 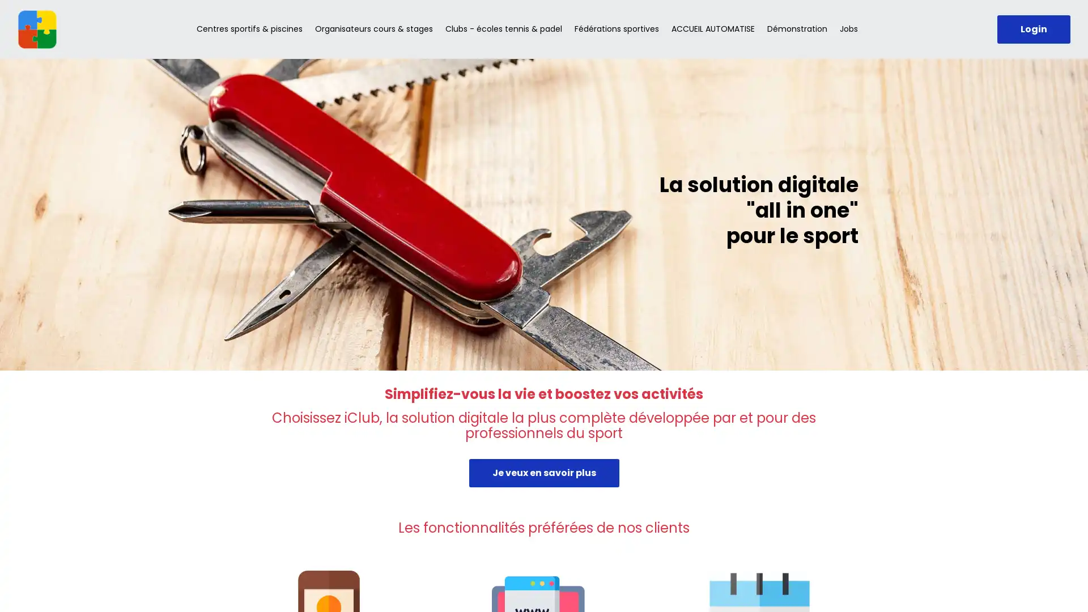 What do you see at coordinates (796, 28) in the screenshot?
I see `Demonstration` at bounding box center [796, 28].